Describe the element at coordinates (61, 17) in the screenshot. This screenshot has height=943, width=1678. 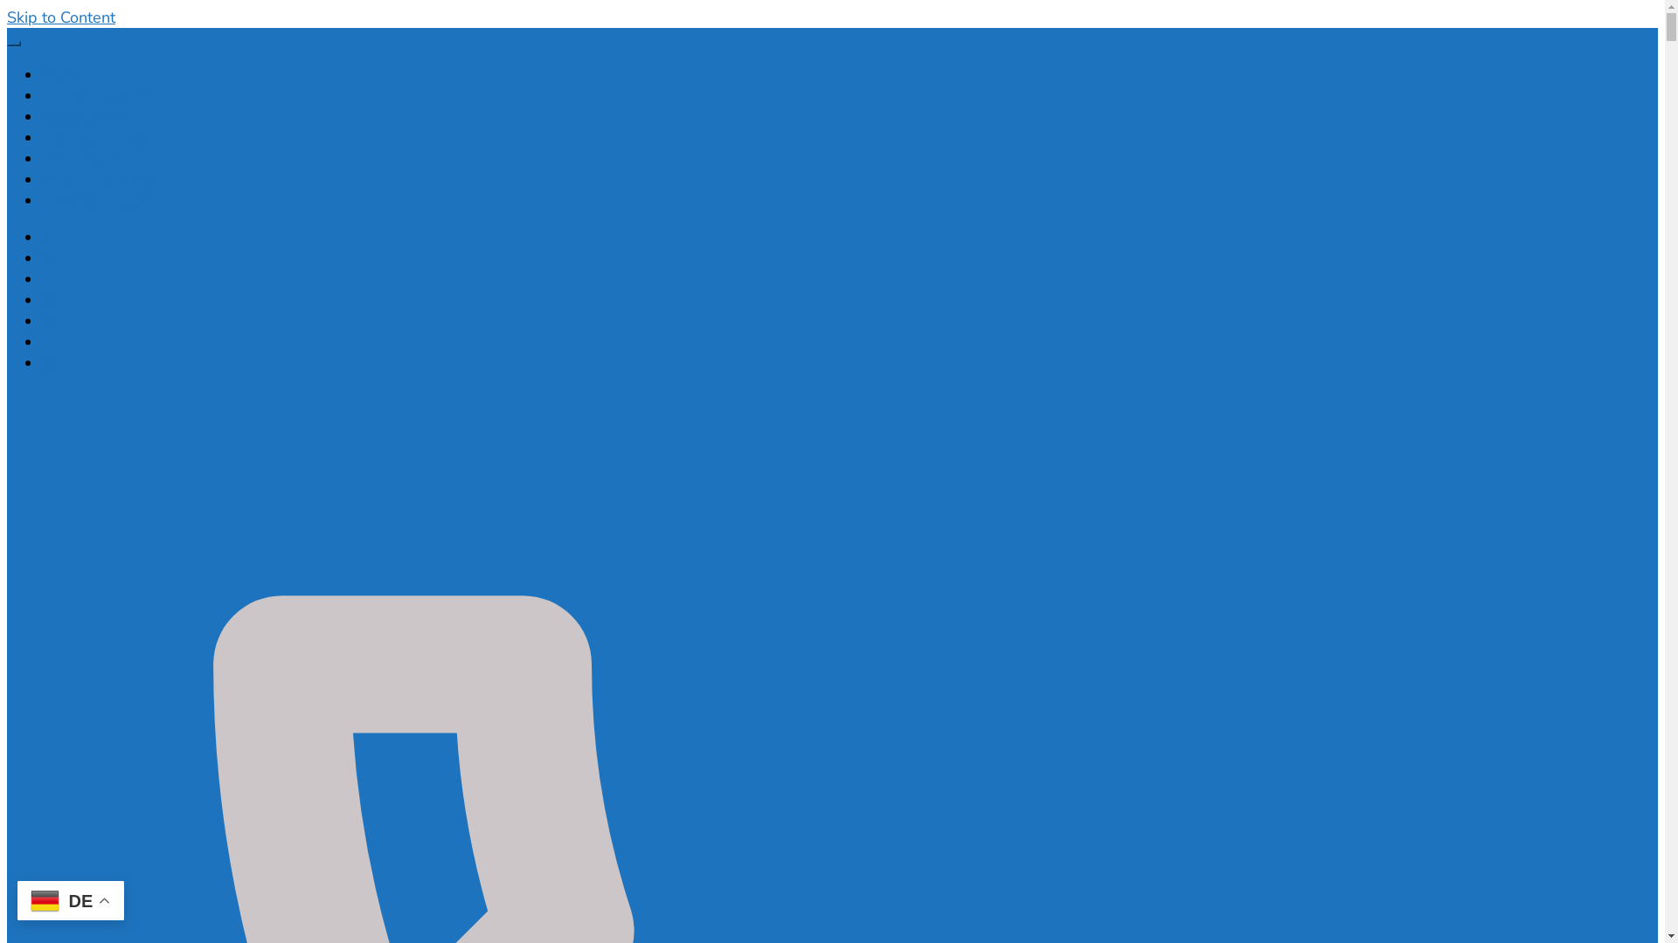
I see `'Skip to Content'` at that location.